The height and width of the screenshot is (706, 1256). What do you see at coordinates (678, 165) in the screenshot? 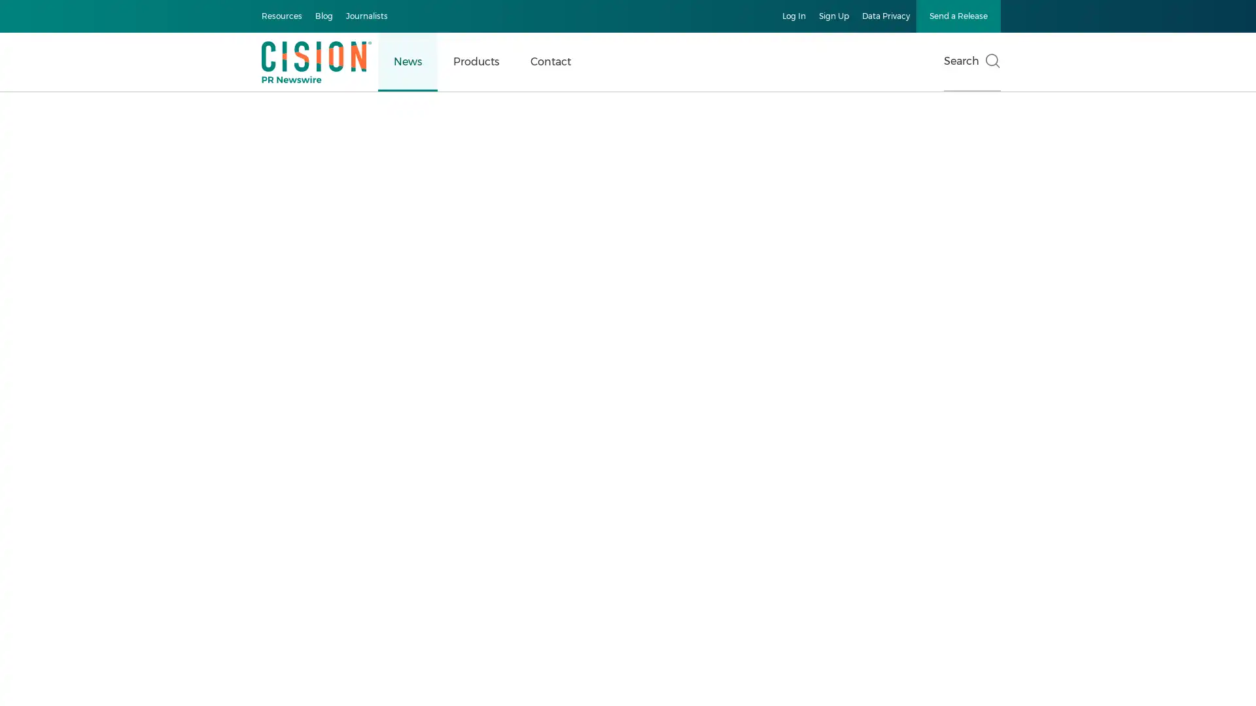
I see `Accept All Cookies` at bounding box center [678, 165].